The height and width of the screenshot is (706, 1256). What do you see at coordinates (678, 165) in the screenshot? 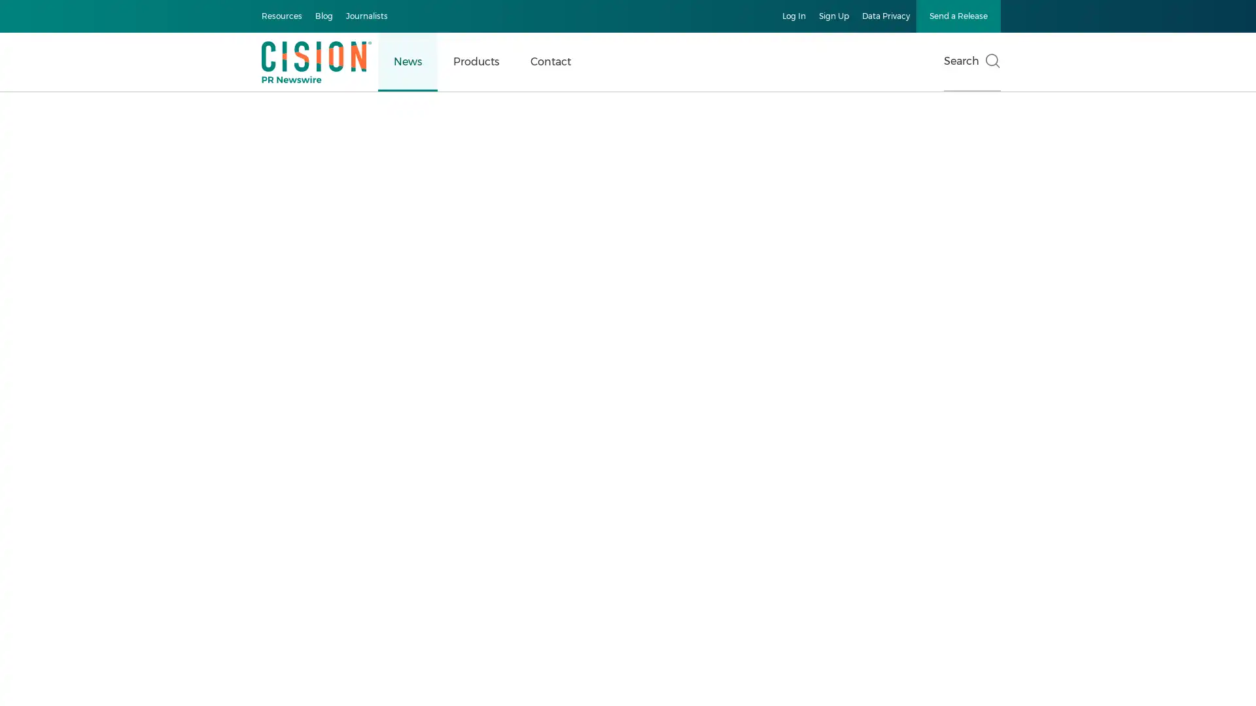
I see `Accept All Cookies` at bounding box center [678, 165].